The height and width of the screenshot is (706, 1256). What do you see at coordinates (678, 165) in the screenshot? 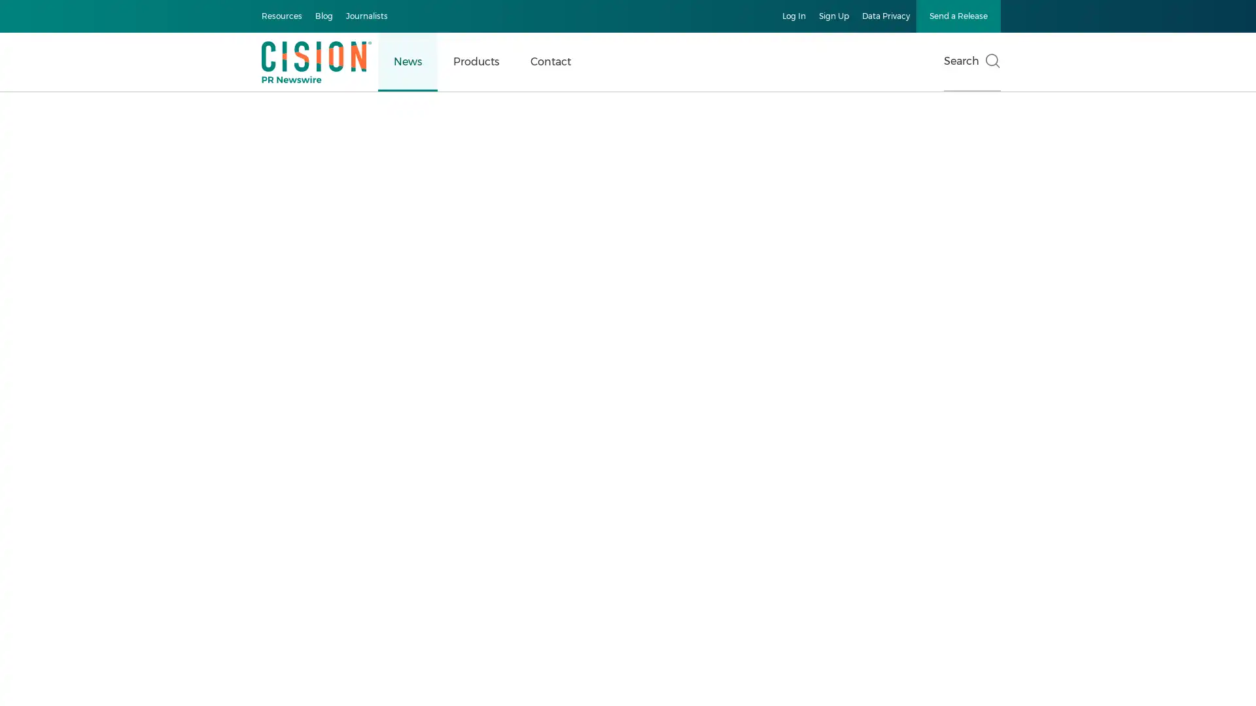
I see `Accept All Cookies` at bounding box center [678, 165].